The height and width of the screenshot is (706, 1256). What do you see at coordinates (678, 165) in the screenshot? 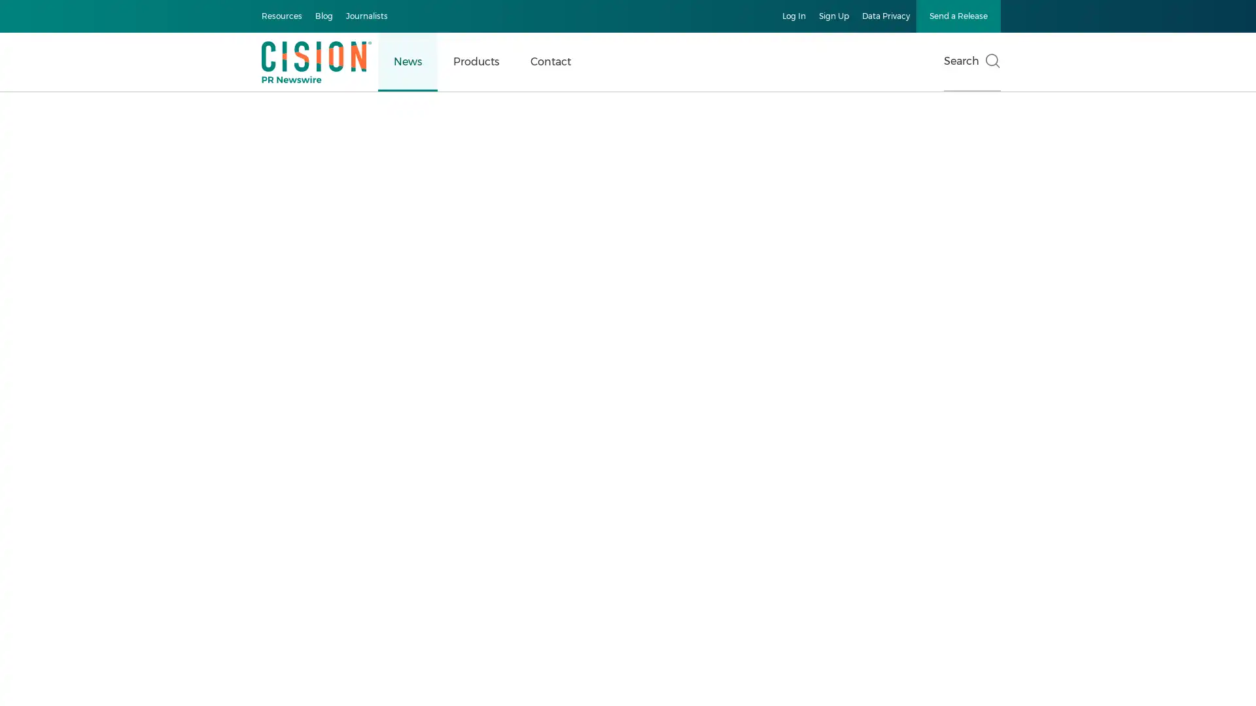
I see `Accept All Cookies` at bounding box center [678, 165].